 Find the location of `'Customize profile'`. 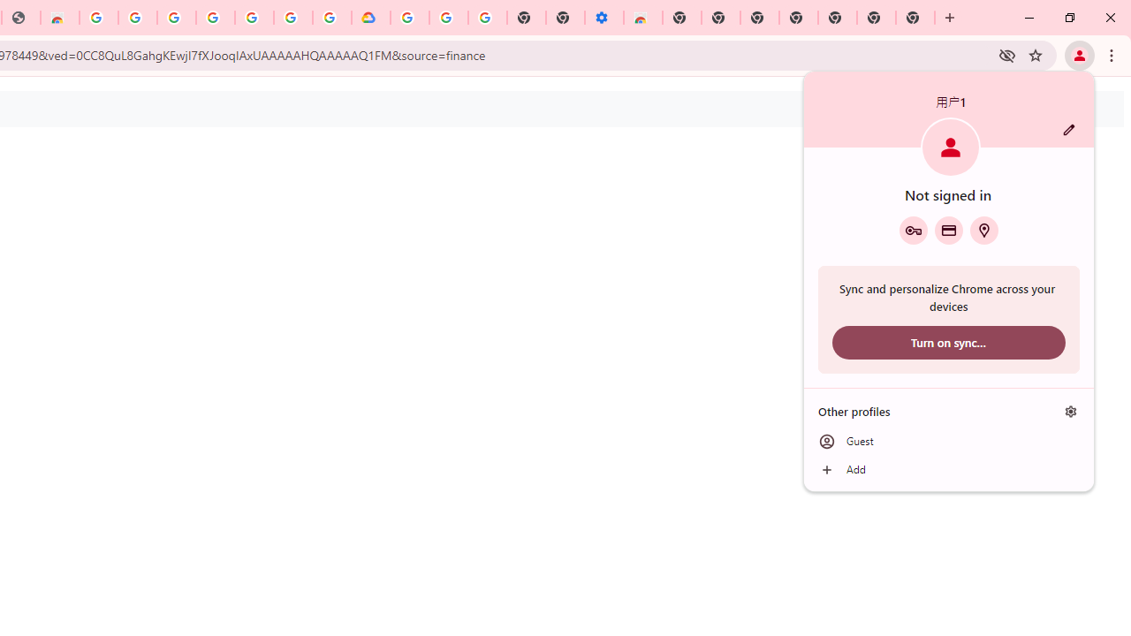

'Customize profile' is located at coordinates (1068, 129).